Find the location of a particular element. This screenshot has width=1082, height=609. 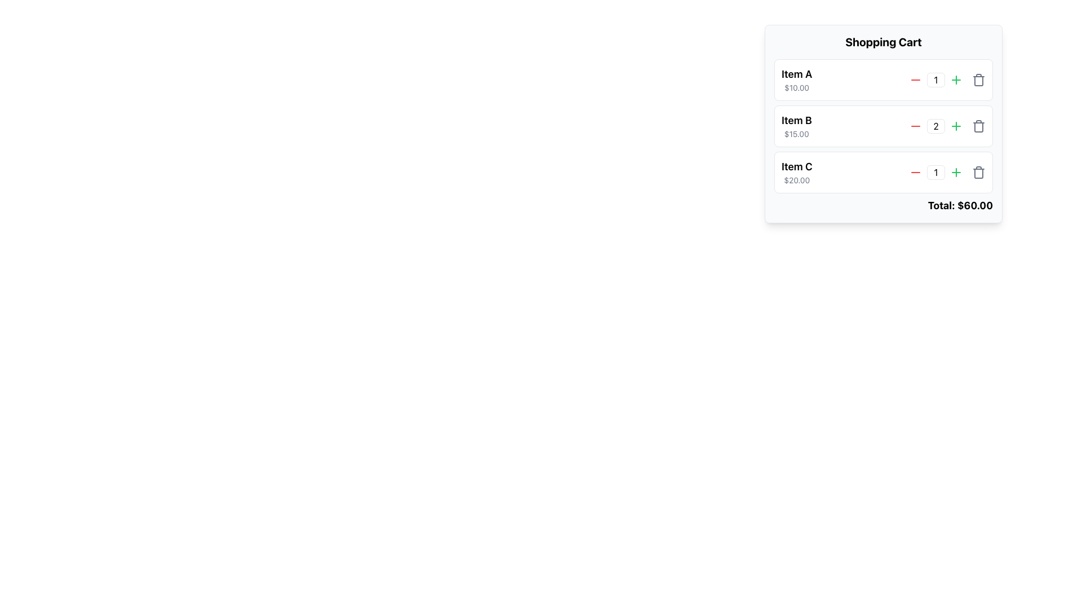

the 'Item C' text label, which is prominently displayed above its sibling price element in the shopping cart interface is located at coordinates (796, 167).